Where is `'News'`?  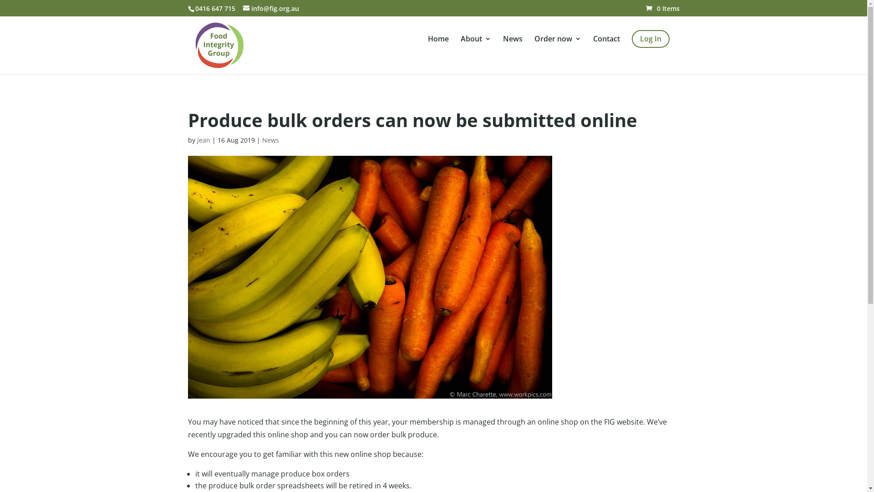
'News' is located at coordinates (270, 140).